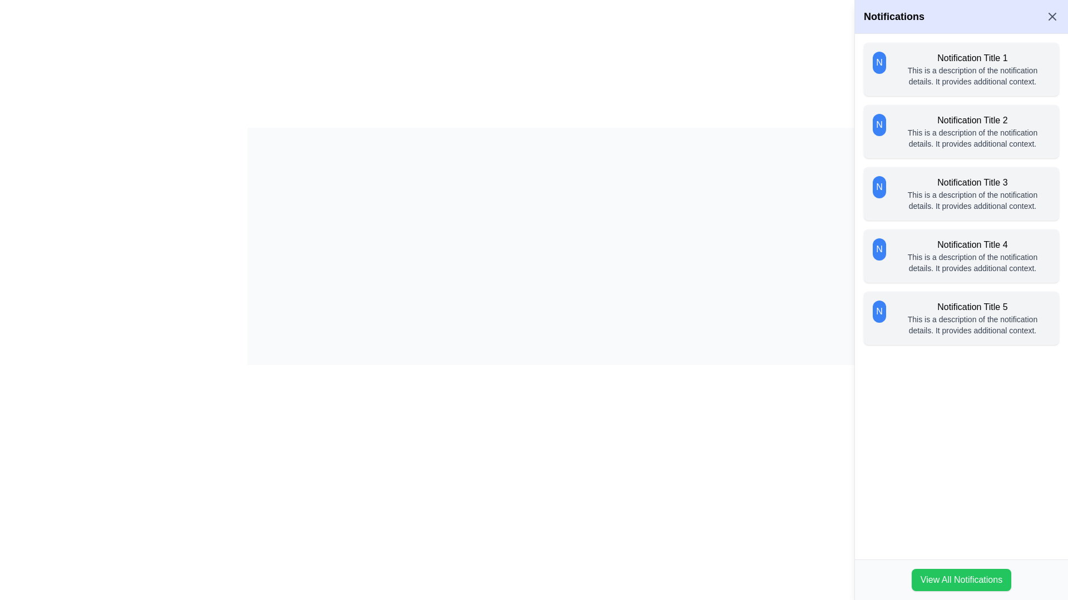 This screenshot has width=1068, height=600. Describe the element at coordinates (878, 248) in the screenshot. I see `the circular blue icon with a white 'N' in the center` at that location.